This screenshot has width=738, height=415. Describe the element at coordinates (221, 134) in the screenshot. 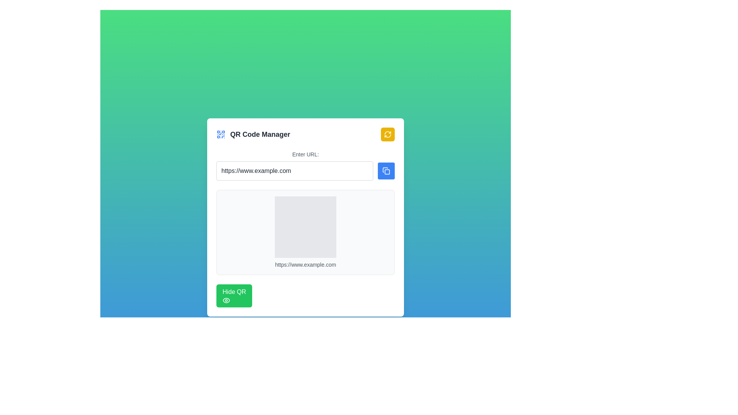

I see `the decorative icon located to the immediate left of the 'QR Code Manager' text in the header of the modal dialog box` at that location.